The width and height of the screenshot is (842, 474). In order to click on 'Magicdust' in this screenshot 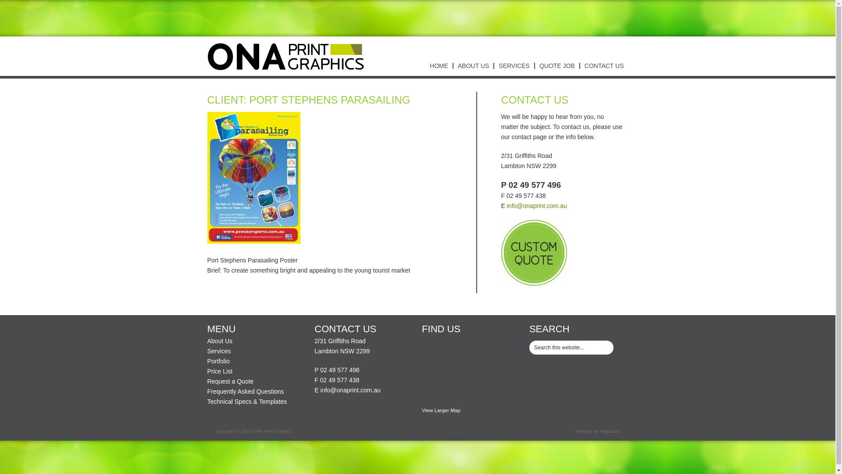, I will do `click(608, 431)`.